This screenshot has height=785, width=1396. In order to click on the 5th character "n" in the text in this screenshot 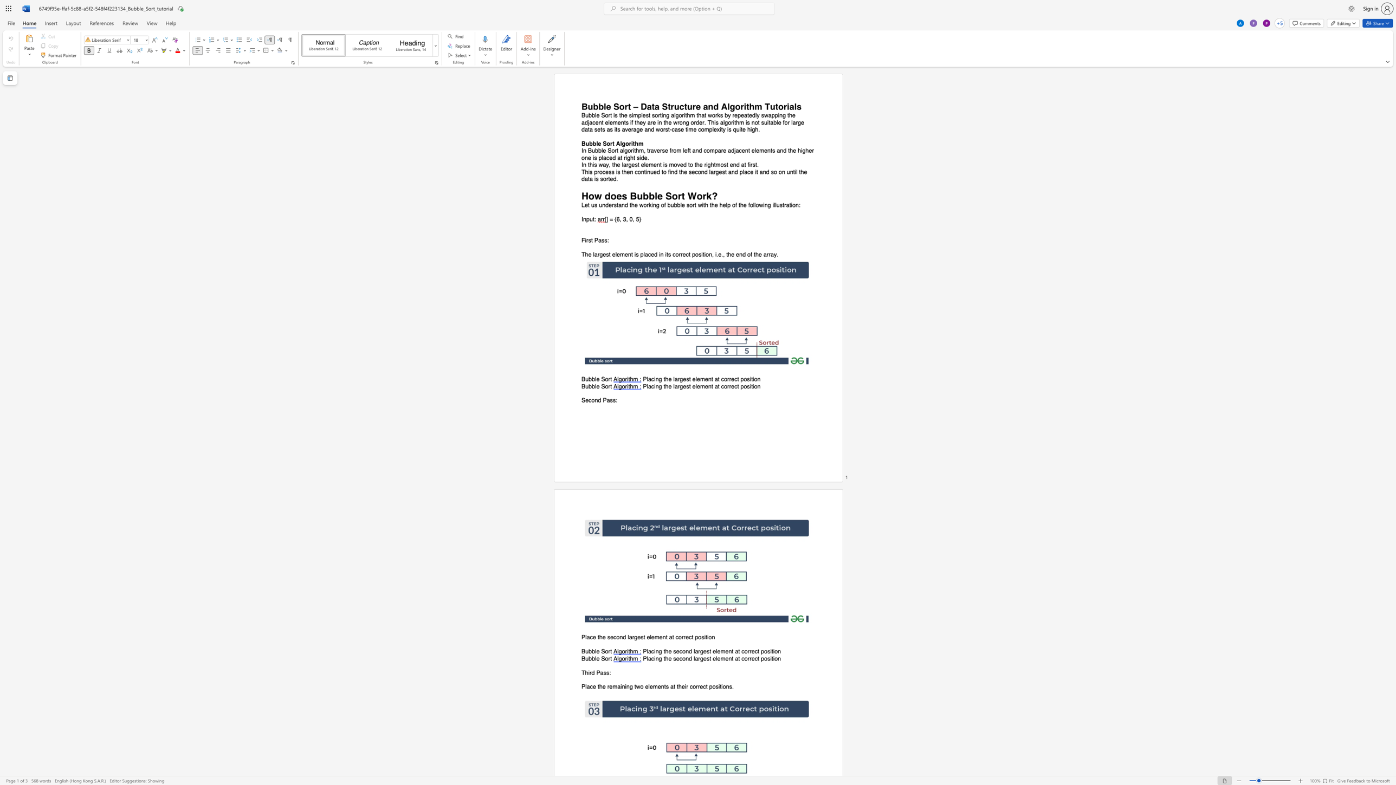, I will do `click(660, 122)`.